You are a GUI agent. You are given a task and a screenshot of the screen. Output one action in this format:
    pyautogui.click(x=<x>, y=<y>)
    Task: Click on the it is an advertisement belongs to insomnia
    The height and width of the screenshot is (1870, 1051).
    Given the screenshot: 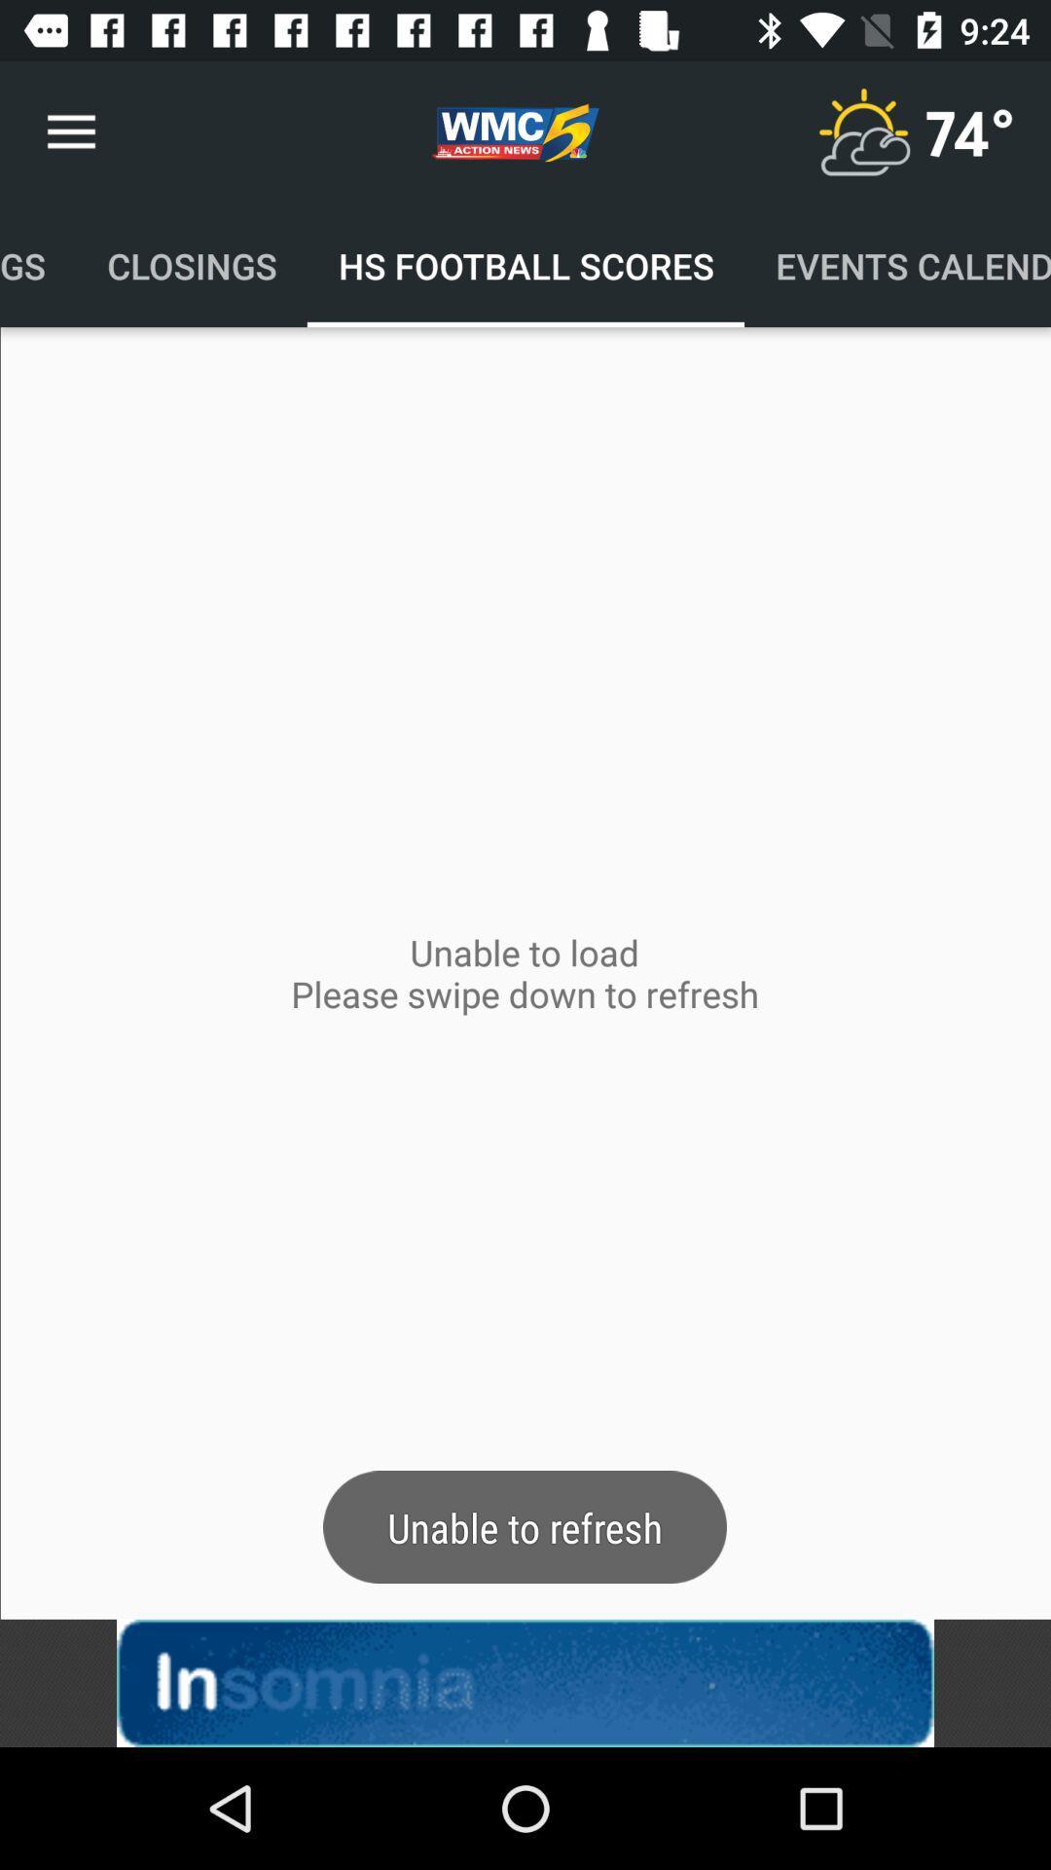 What is the action you would take?
    pyautogui.click(x=525, y=1682)
    